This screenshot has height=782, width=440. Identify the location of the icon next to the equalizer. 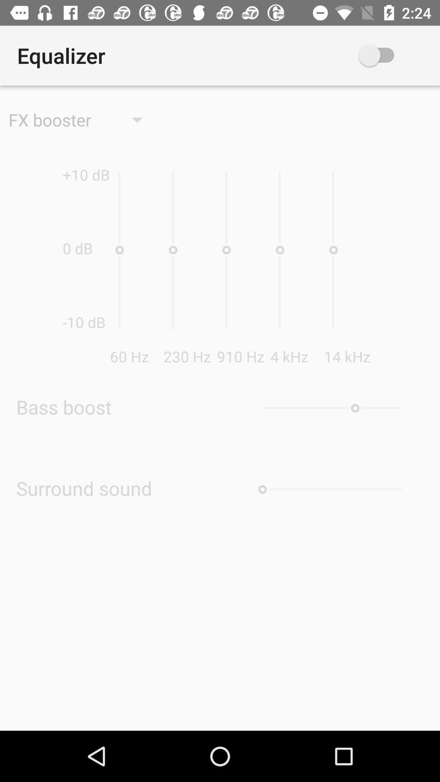
(388, 55).